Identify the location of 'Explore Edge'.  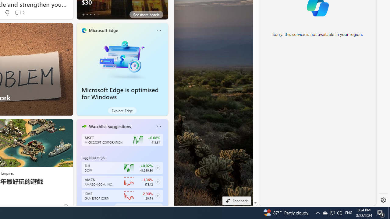
(122, 110).